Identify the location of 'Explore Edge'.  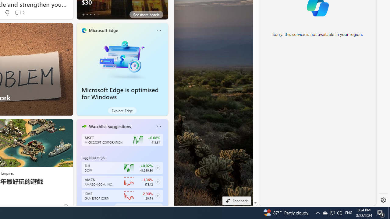
(122, 110).